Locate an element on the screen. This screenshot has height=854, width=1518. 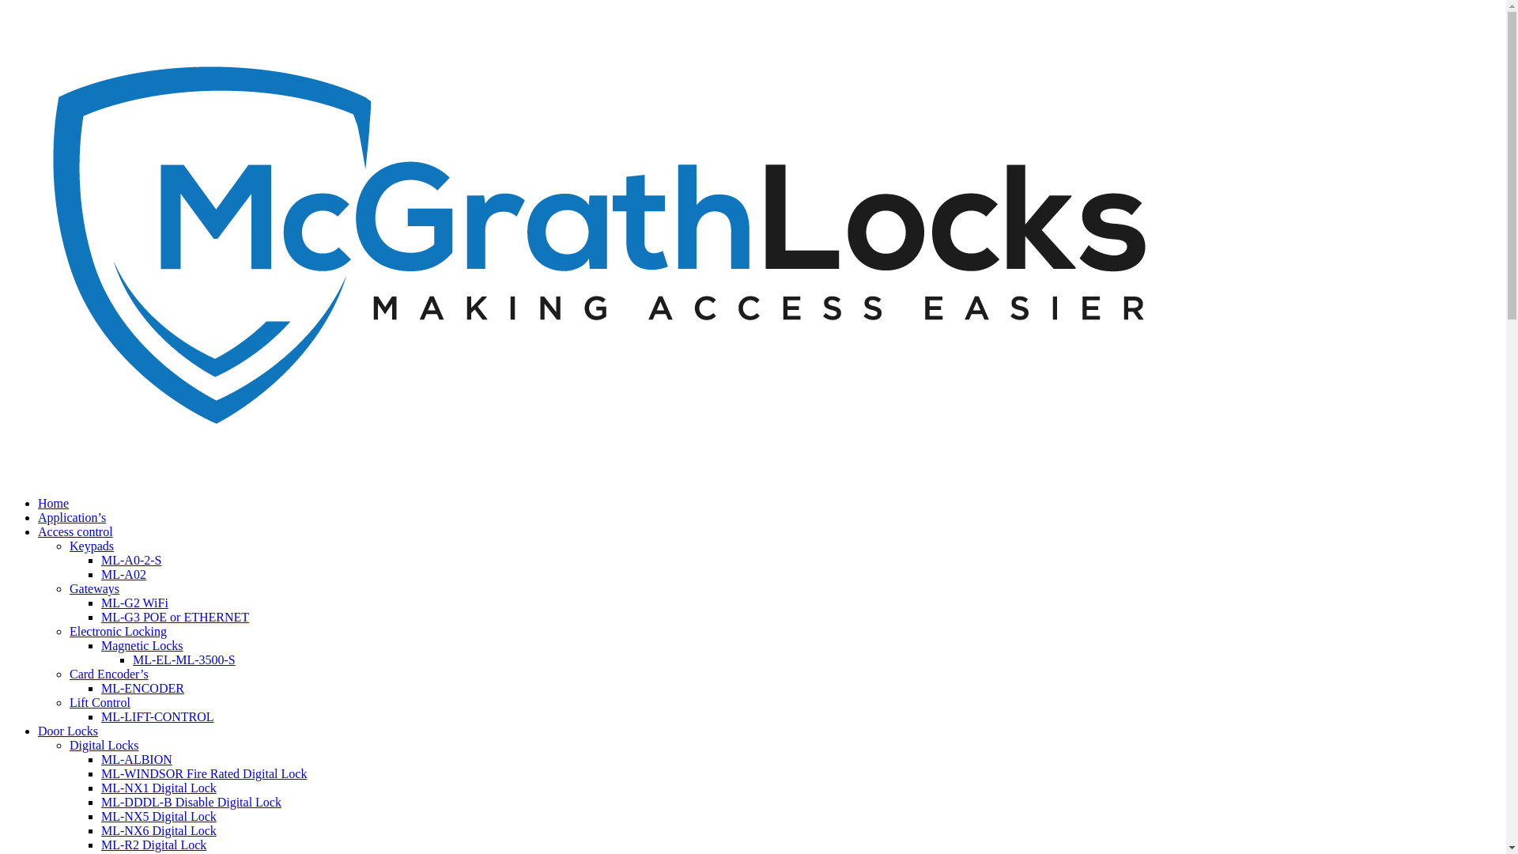
'ML-A02' is located at coordinates (123, 574).